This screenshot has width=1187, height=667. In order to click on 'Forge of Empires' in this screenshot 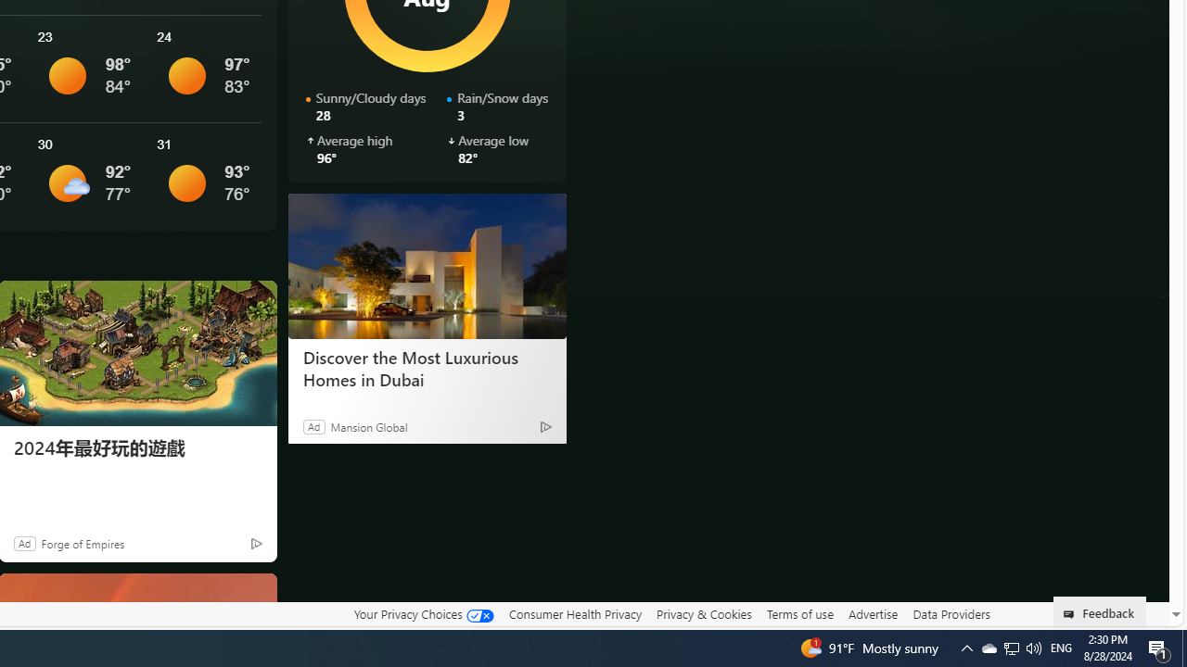, I will do `click(81, 542)`.